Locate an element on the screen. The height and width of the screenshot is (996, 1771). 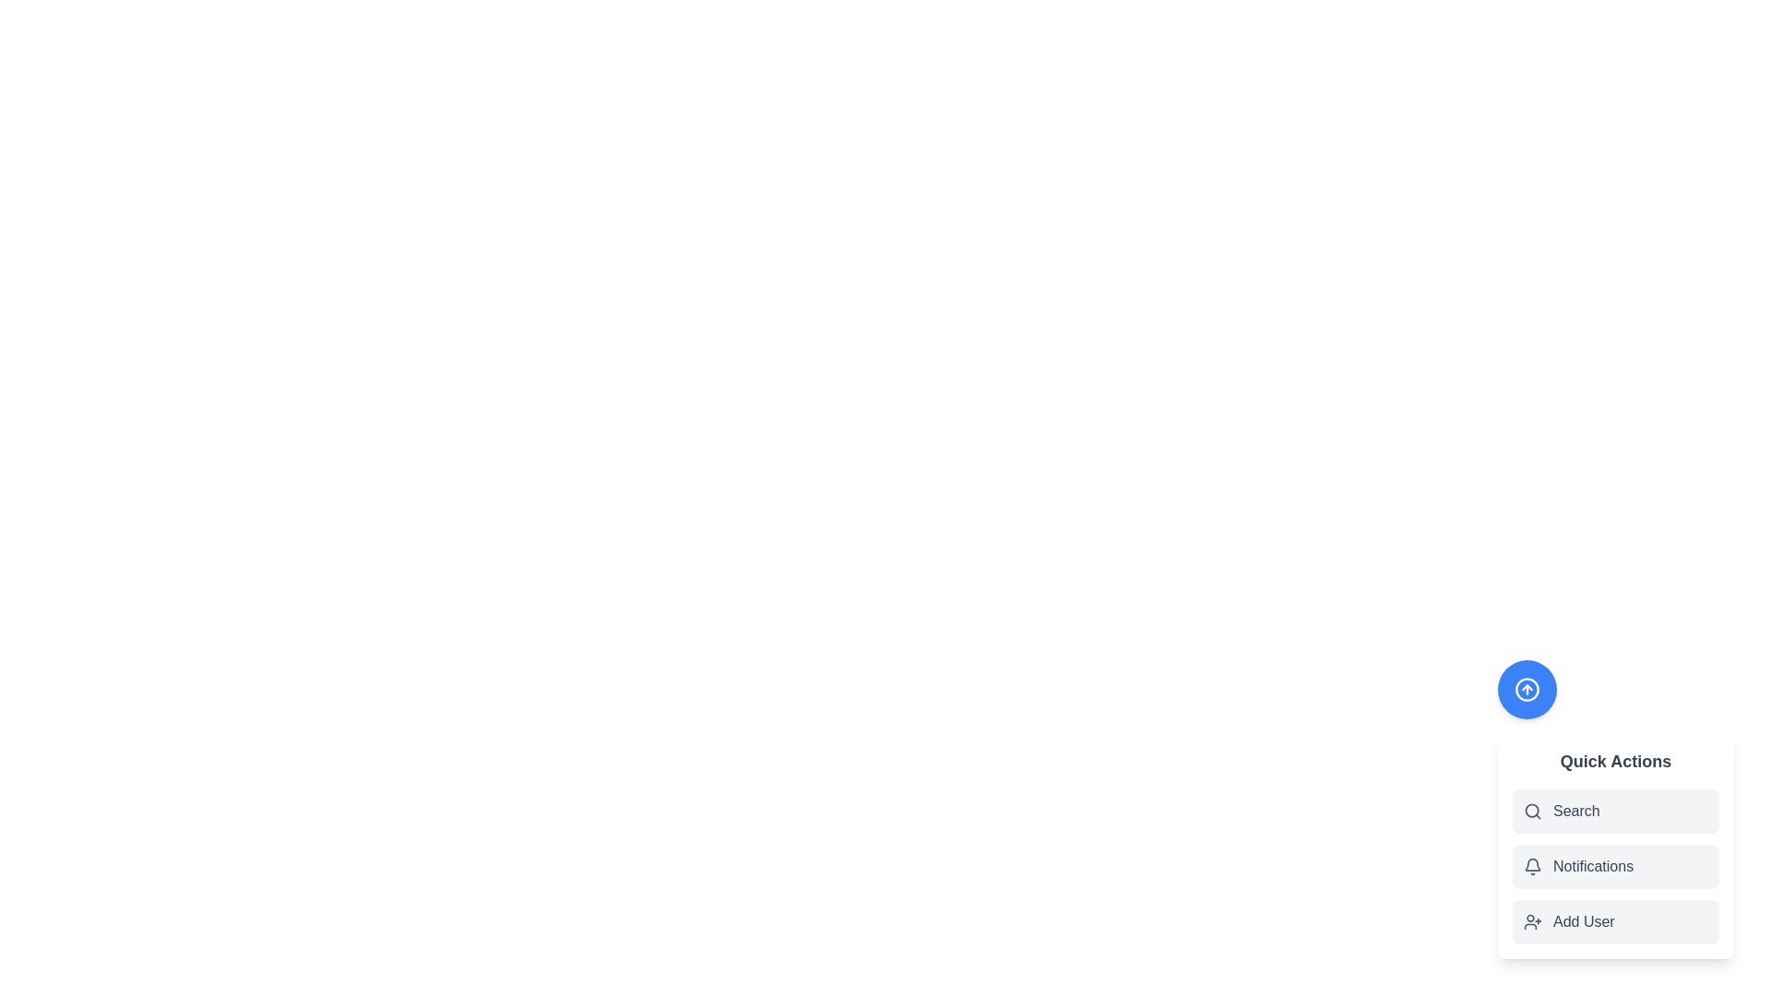
the 'Search' button located beneath the title 'Quick Actions' in the bottom-right menu is located at coordinates (1615, 809).